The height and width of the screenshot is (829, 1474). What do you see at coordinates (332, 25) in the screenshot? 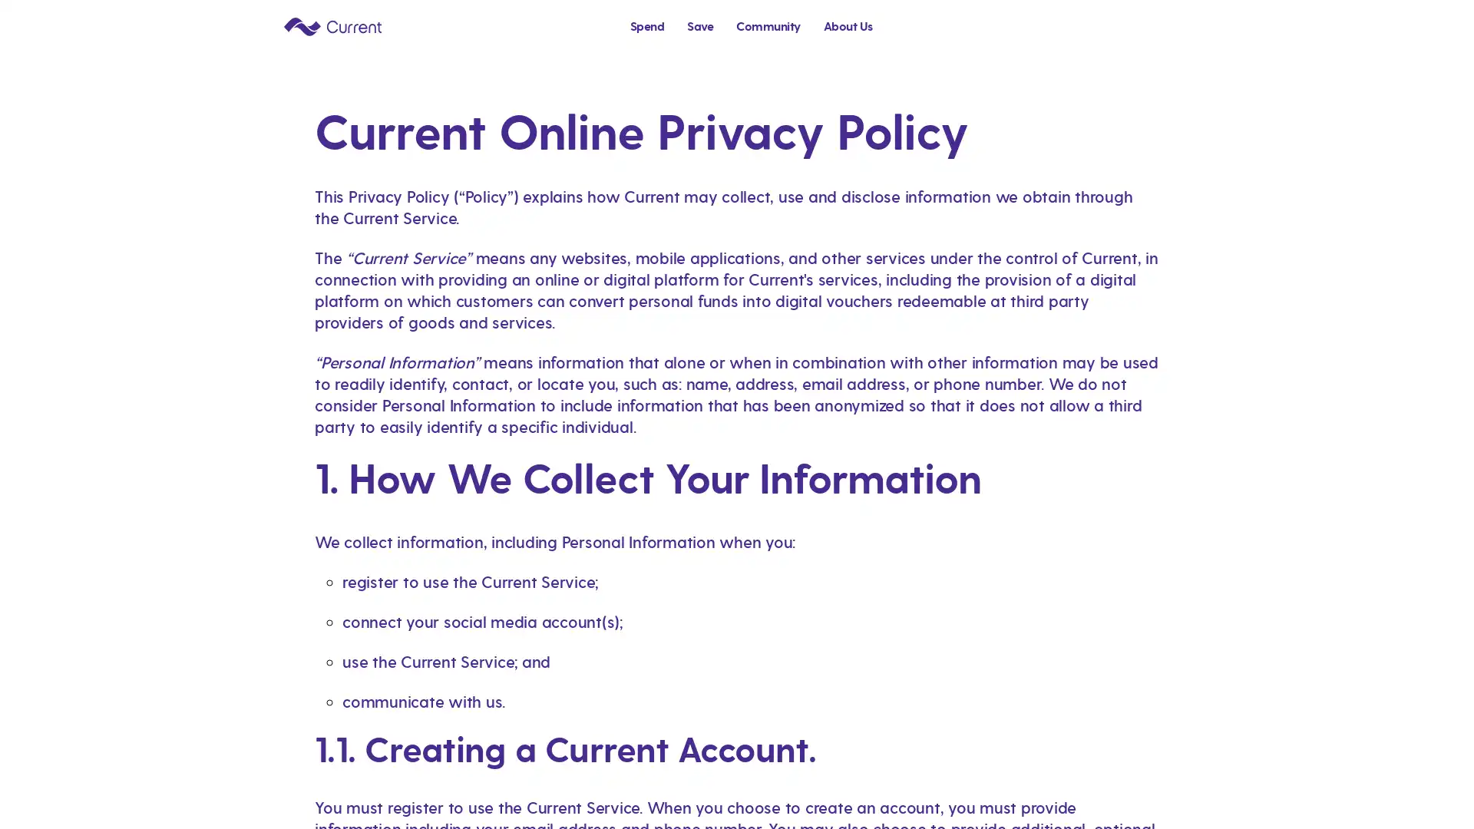
I see `Current logo` at bounding box center [332, 25].